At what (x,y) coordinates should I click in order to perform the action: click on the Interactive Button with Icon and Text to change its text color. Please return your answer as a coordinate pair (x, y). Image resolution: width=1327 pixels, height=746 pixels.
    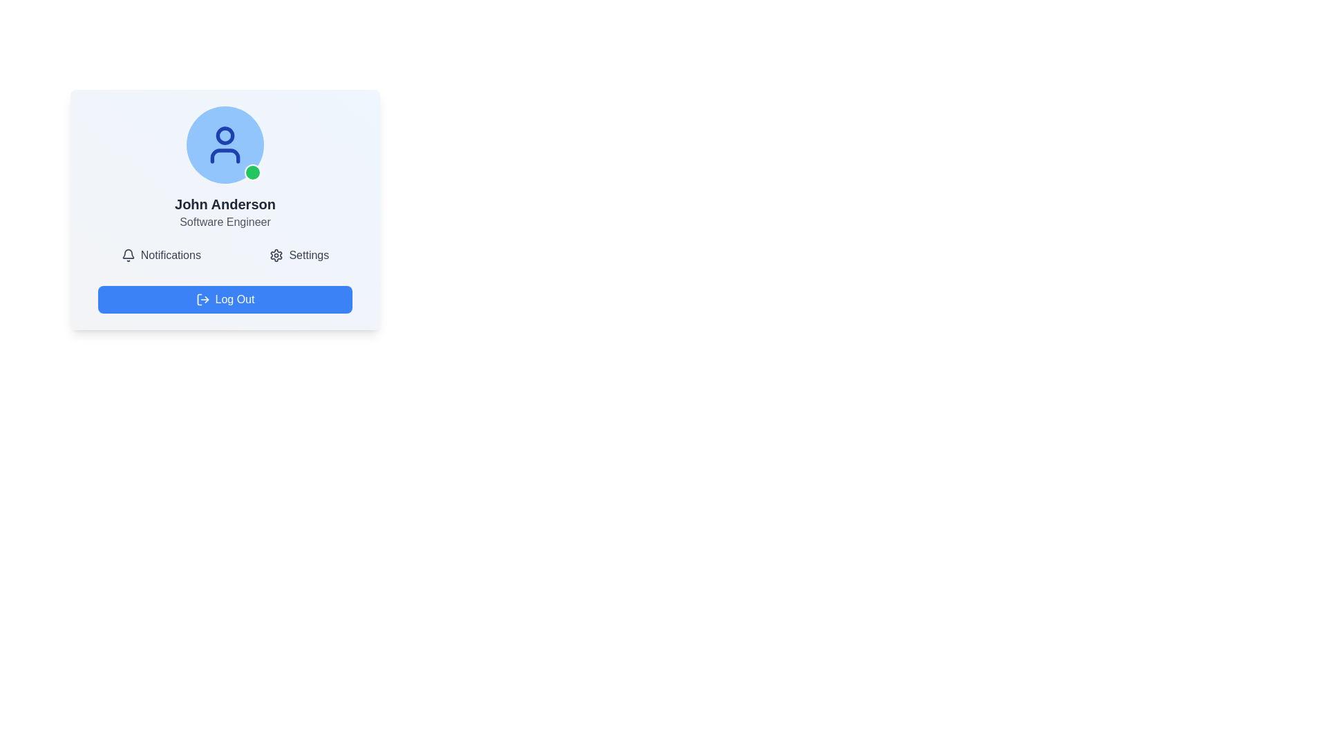
    Looking at the image, I should click on (299, 256).